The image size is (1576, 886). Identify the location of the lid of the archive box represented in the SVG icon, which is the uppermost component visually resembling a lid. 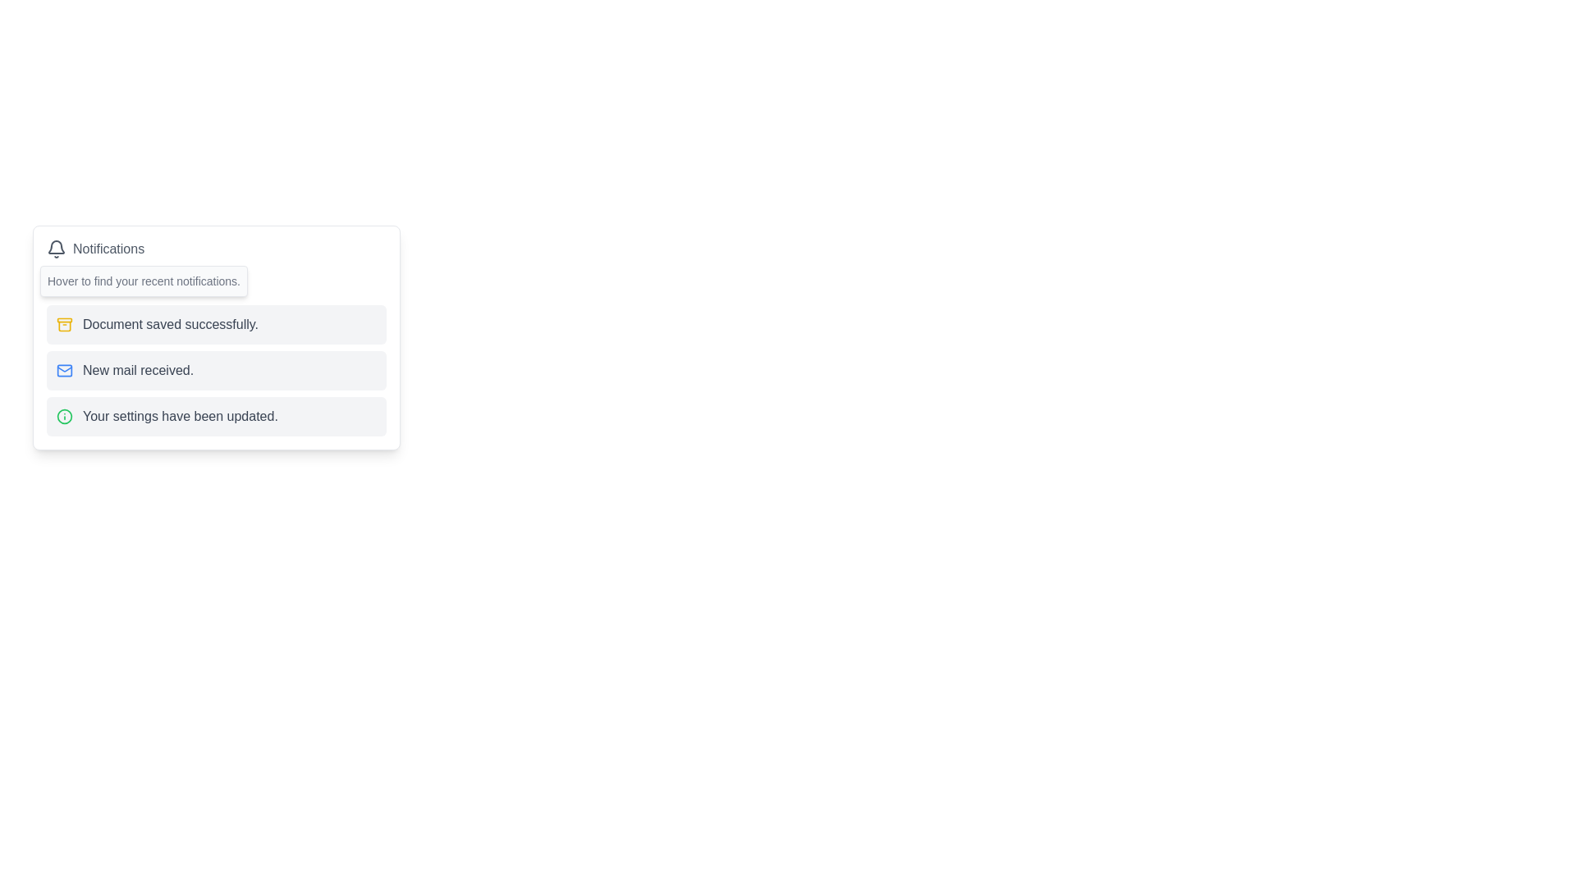
(64, 319).